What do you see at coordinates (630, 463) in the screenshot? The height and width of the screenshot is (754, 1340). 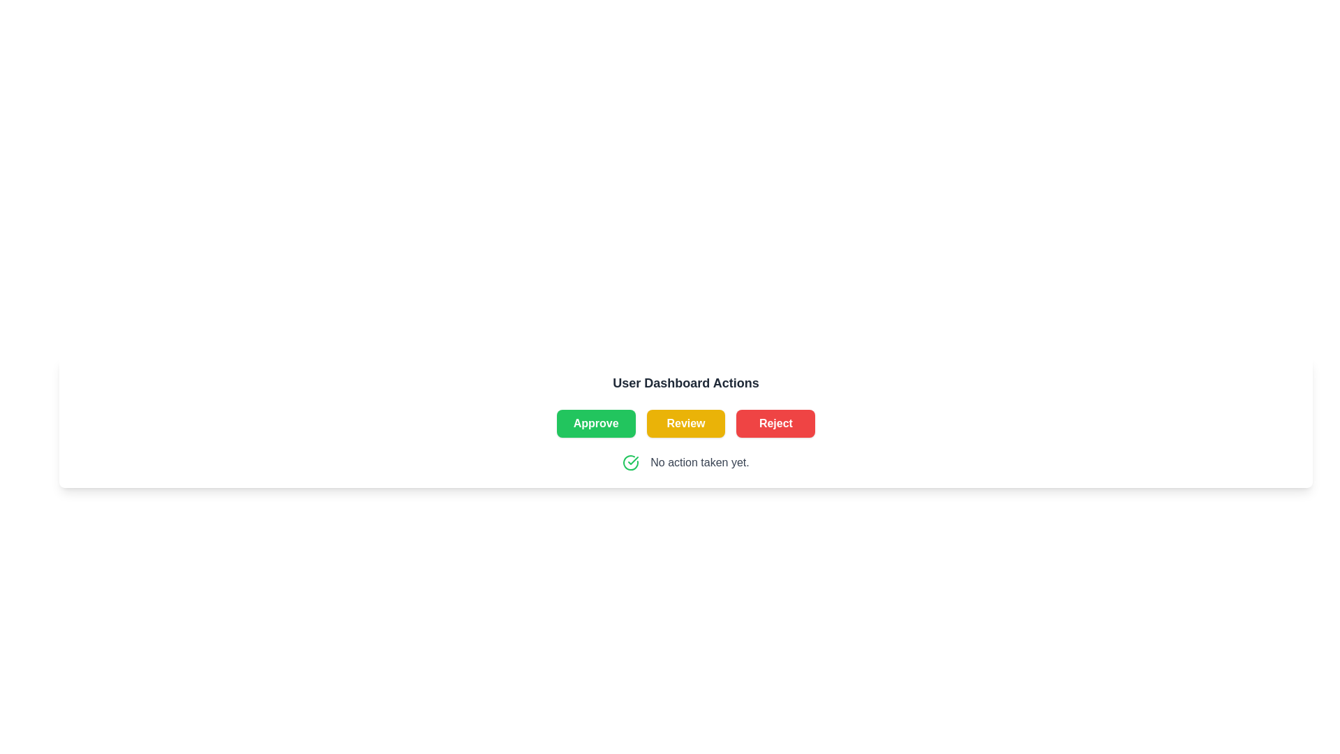 I see `the circular green checkmark icon located to the left of the text 'No action taken yet.' under the 'User Dashboard Actions' heading` at bounding box center [630, 463].